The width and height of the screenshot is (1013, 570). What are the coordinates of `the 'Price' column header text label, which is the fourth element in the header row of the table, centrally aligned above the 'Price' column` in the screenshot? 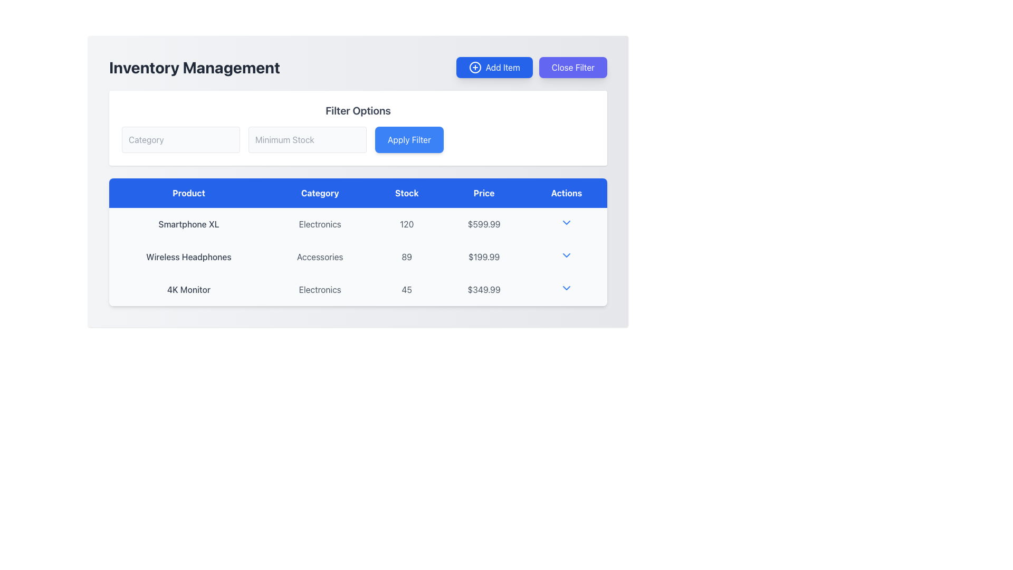 It's located at (483, 193).